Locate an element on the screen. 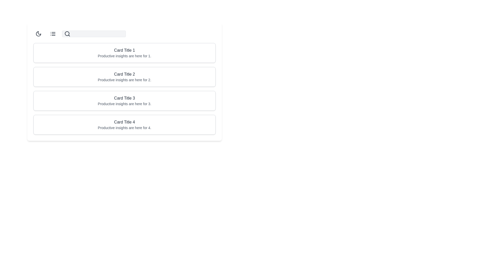 Image resolution: width=490 pixels, height=275 pixels. the search bar located near the top center of the interface, positioned after two rounded icons, to focus on it is located at coordinates (94, 34).